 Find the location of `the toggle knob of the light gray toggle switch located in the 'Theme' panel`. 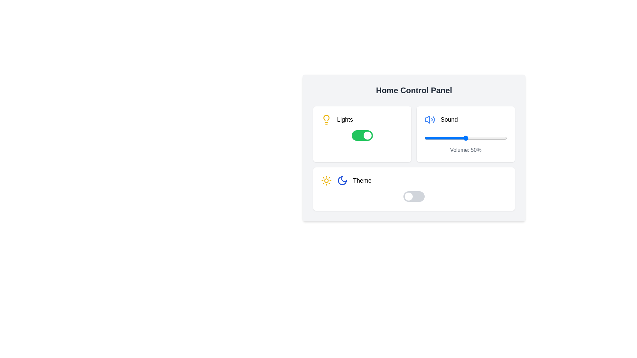

the toggle knob of the light gray toggle switch located in the 'Theme' panel is located at coordinates (414, 196).